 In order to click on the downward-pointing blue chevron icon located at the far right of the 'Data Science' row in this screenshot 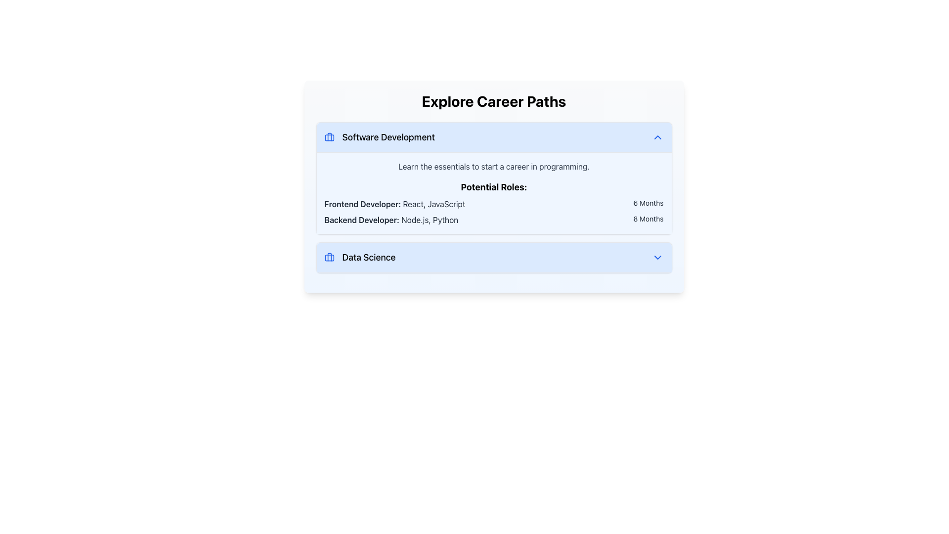, I will do `click(657, 257)`.